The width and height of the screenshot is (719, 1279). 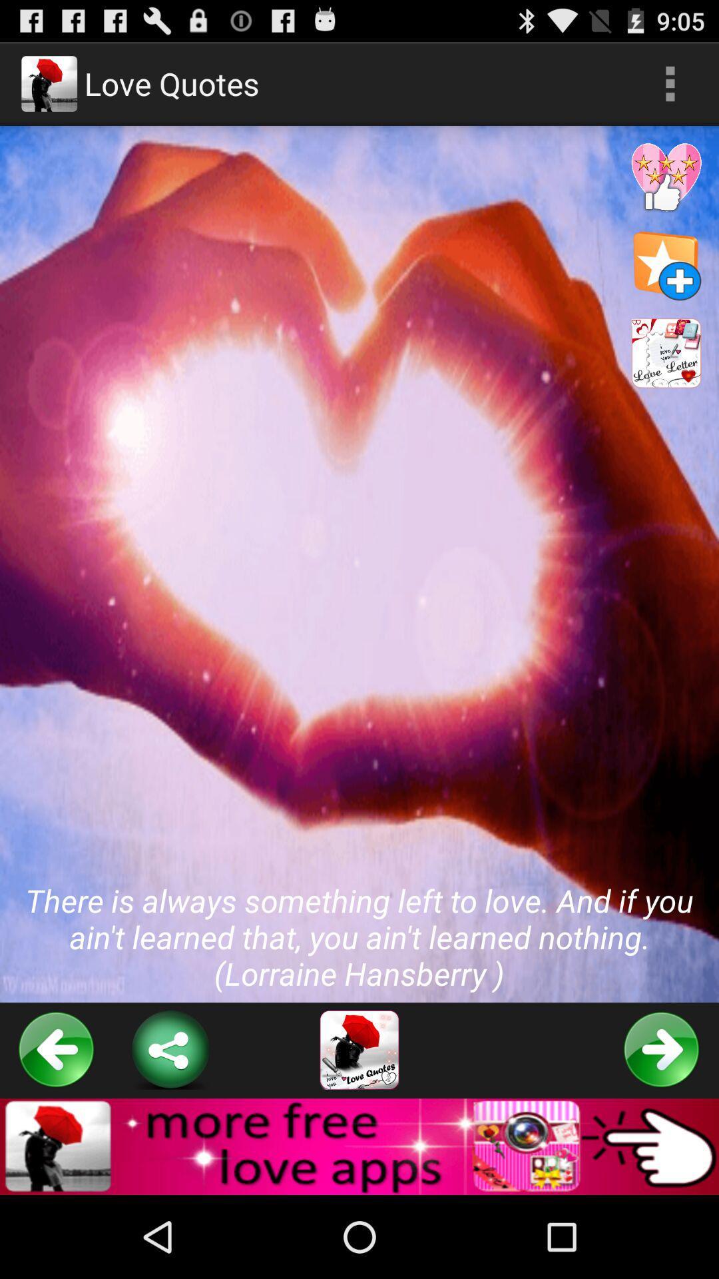 I want to click on icon at the center, so click(x=359, y=564).